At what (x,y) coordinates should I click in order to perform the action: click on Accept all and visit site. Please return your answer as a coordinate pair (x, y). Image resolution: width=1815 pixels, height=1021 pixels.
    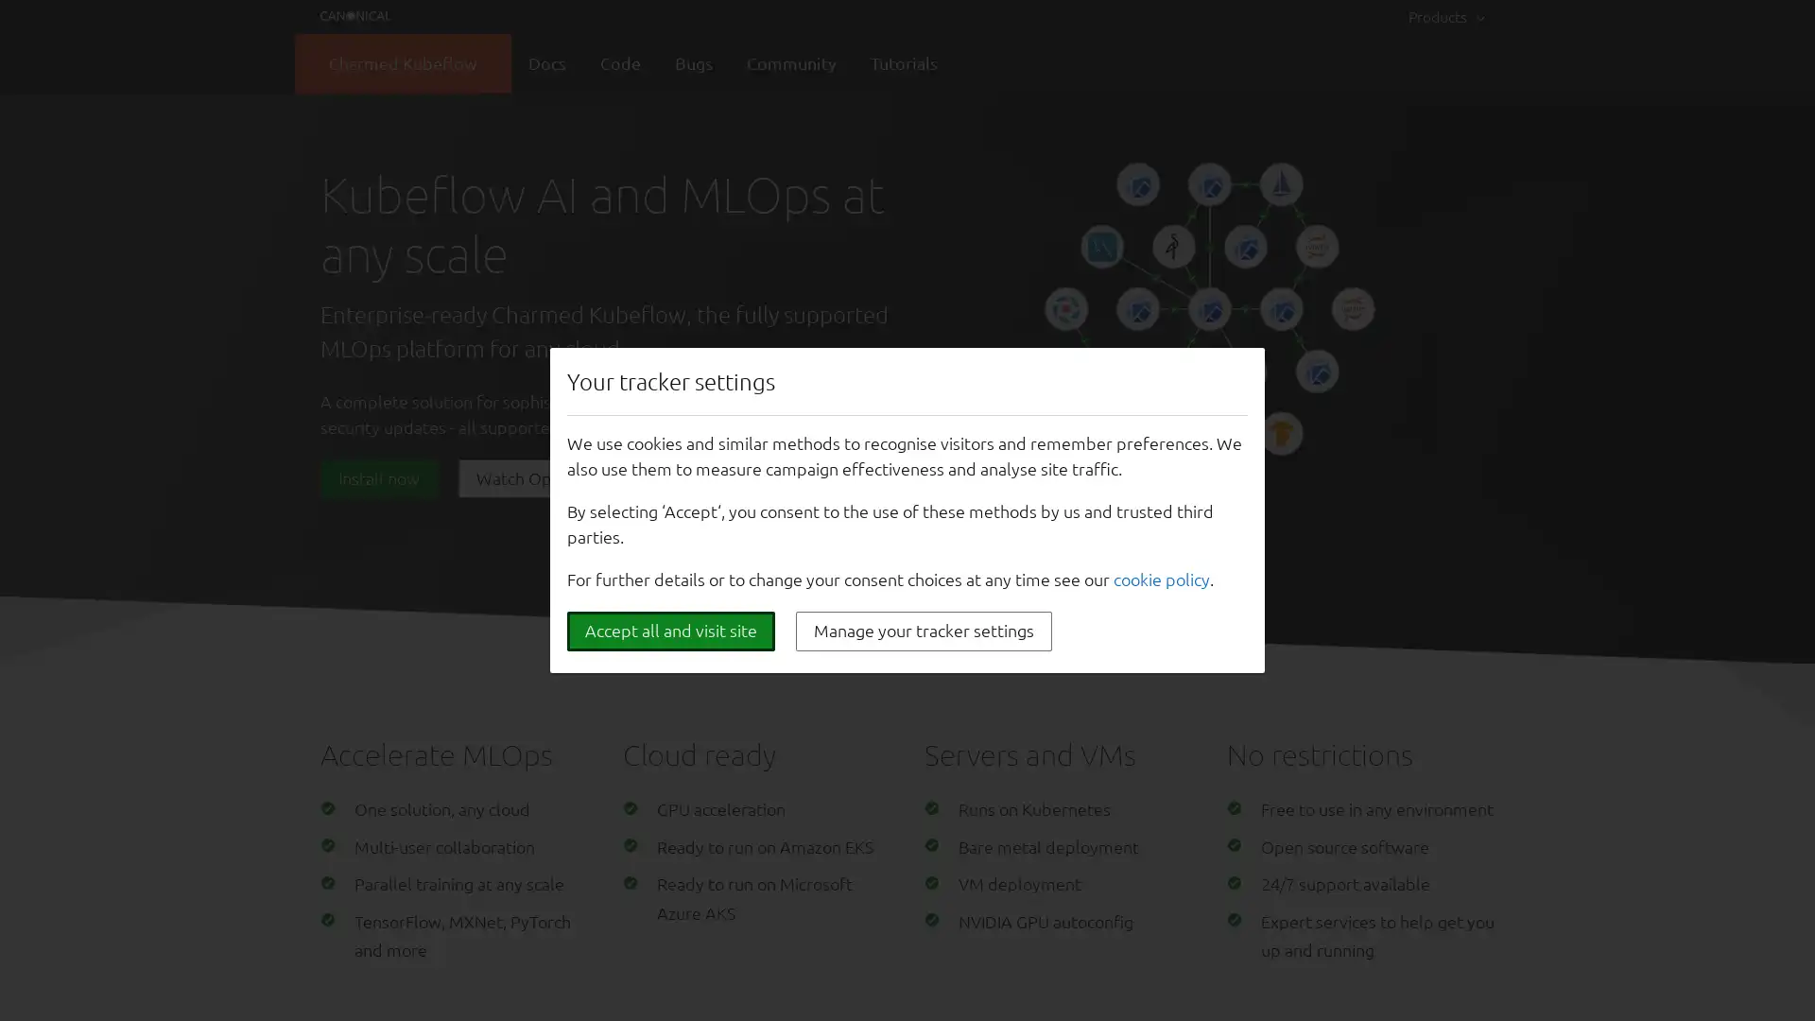
    Looking at the image, I should click on (671, 631).